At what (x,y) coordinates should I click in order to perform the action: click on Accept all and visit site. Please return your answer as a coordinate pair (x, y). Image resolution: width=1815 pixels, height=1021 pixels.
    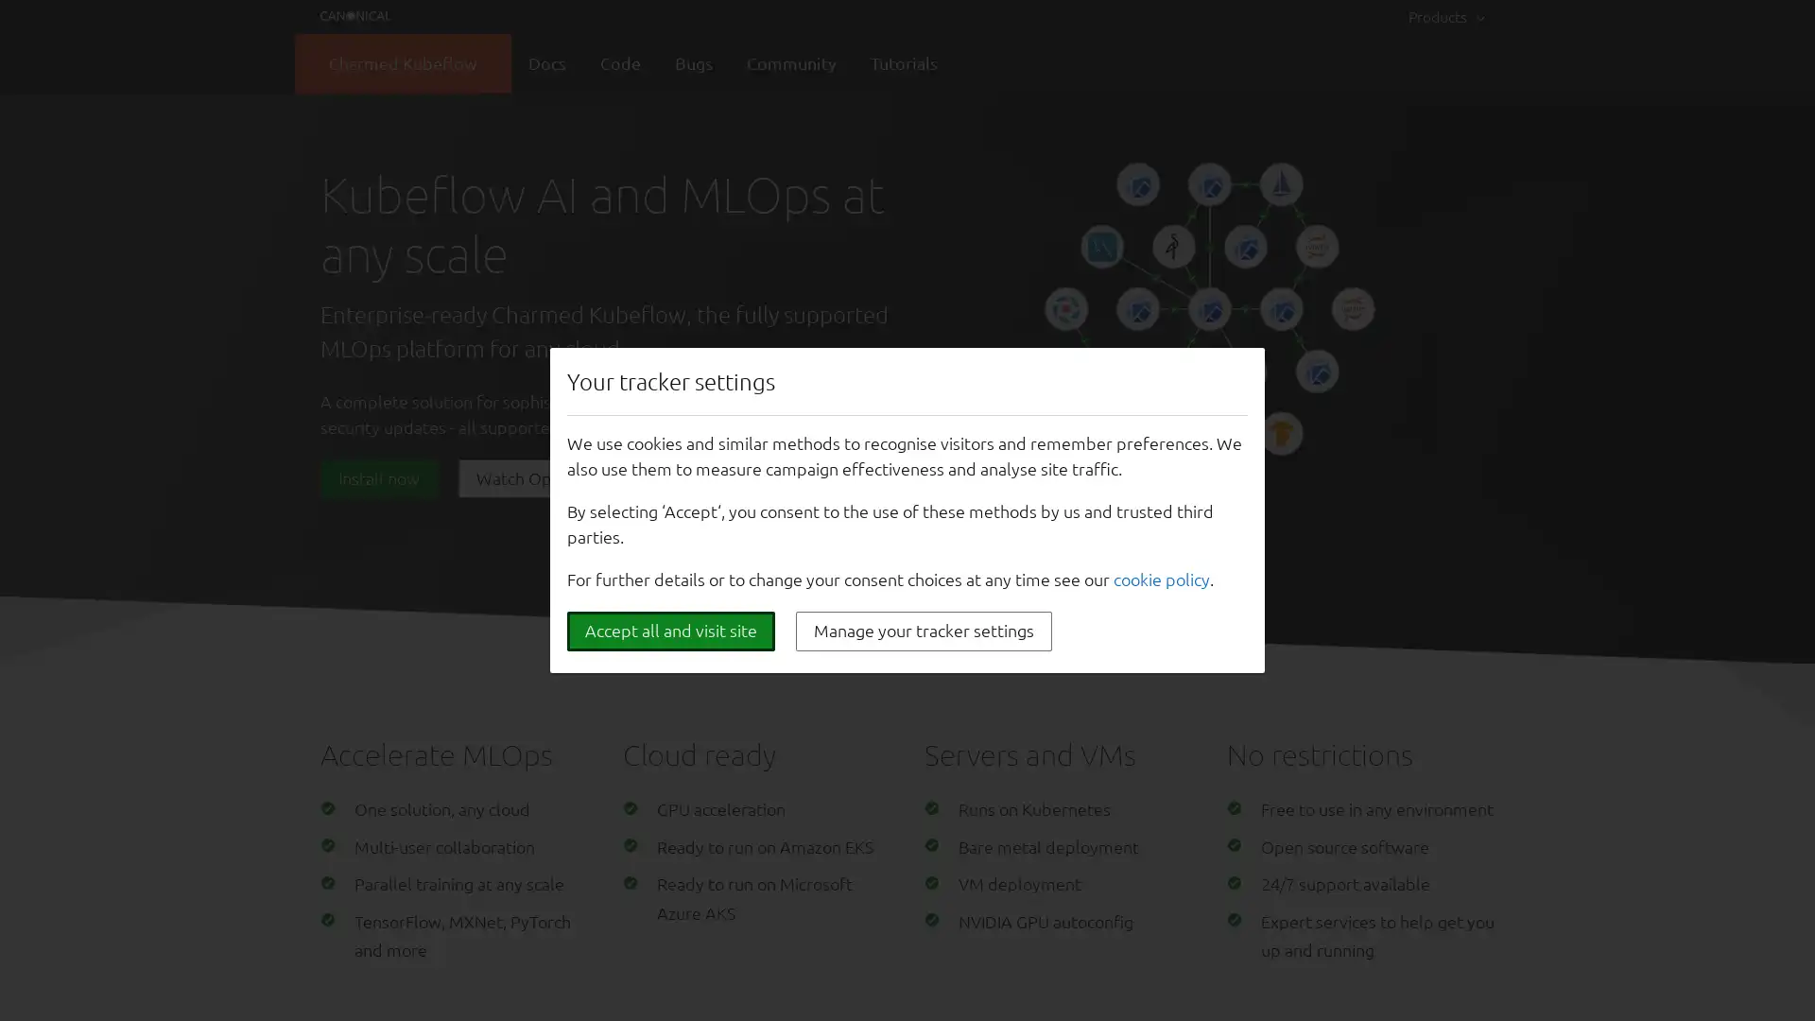
    Looking at the image, I should click on (671, 631).